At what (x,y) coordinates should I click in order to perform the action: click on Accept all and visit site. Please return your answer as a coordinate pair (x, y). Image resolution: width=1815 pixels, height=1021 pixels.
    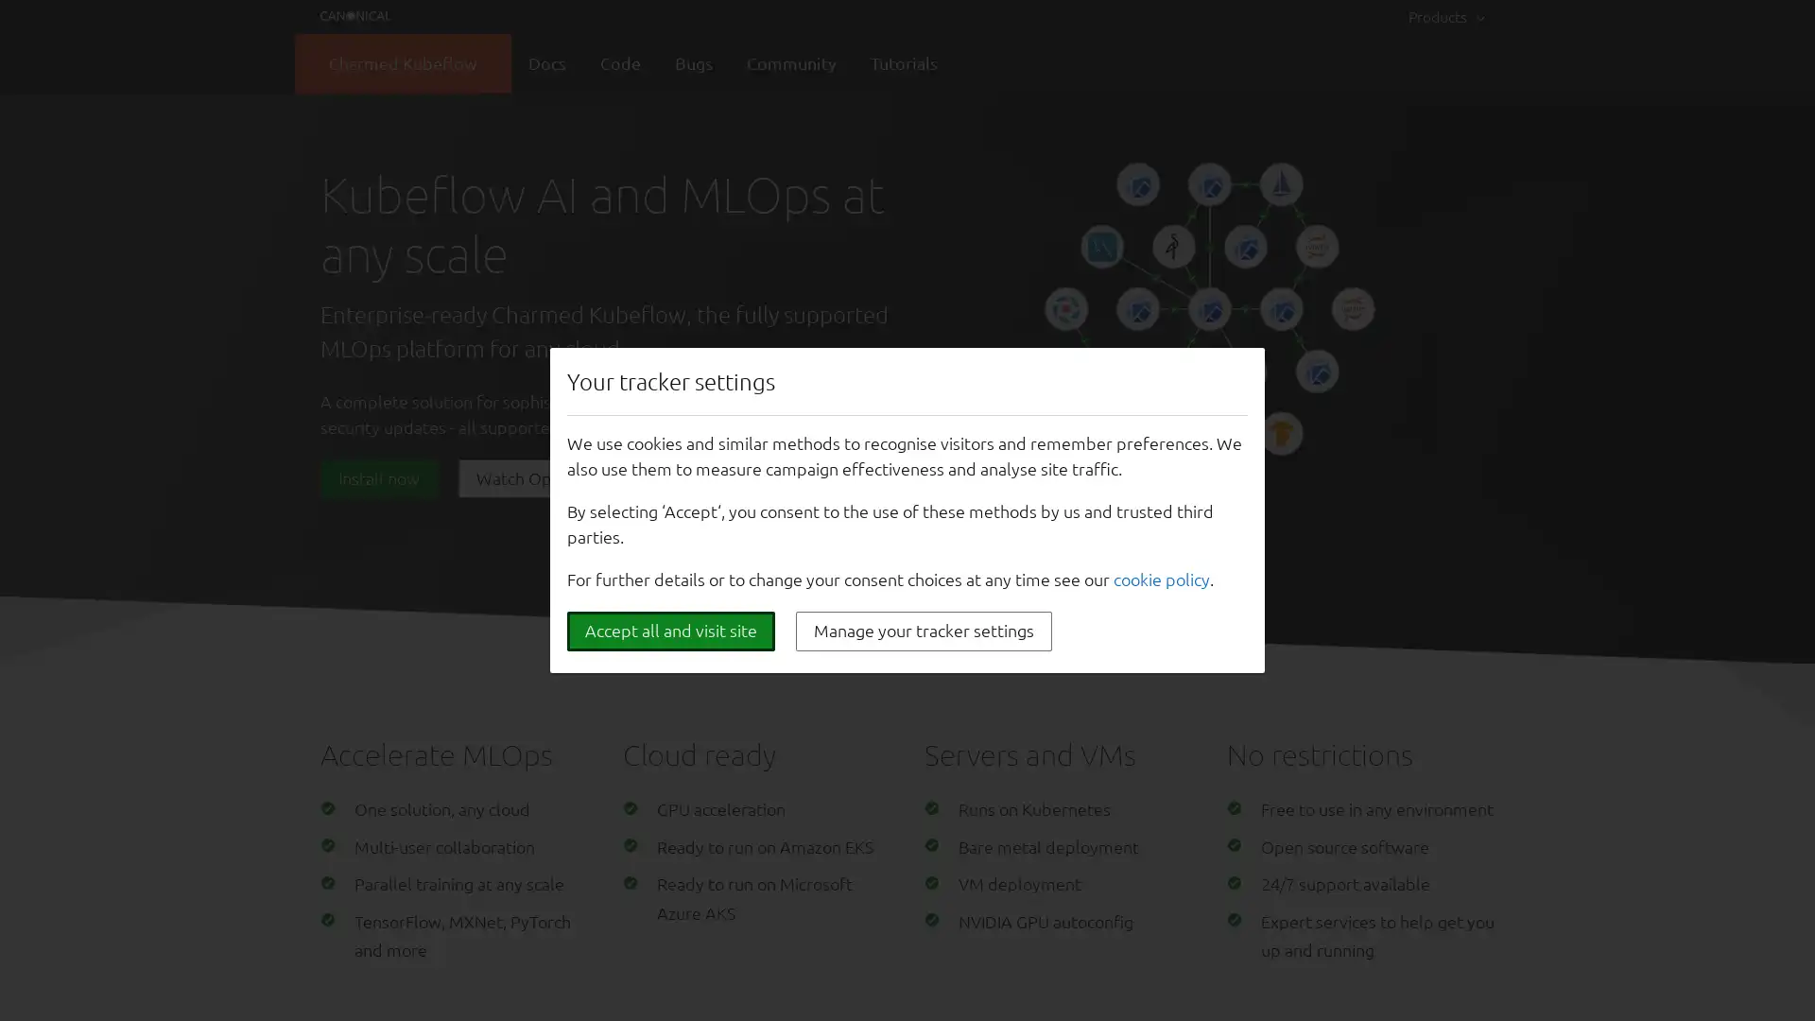
    Looking at the image, I should click on (671, 631).